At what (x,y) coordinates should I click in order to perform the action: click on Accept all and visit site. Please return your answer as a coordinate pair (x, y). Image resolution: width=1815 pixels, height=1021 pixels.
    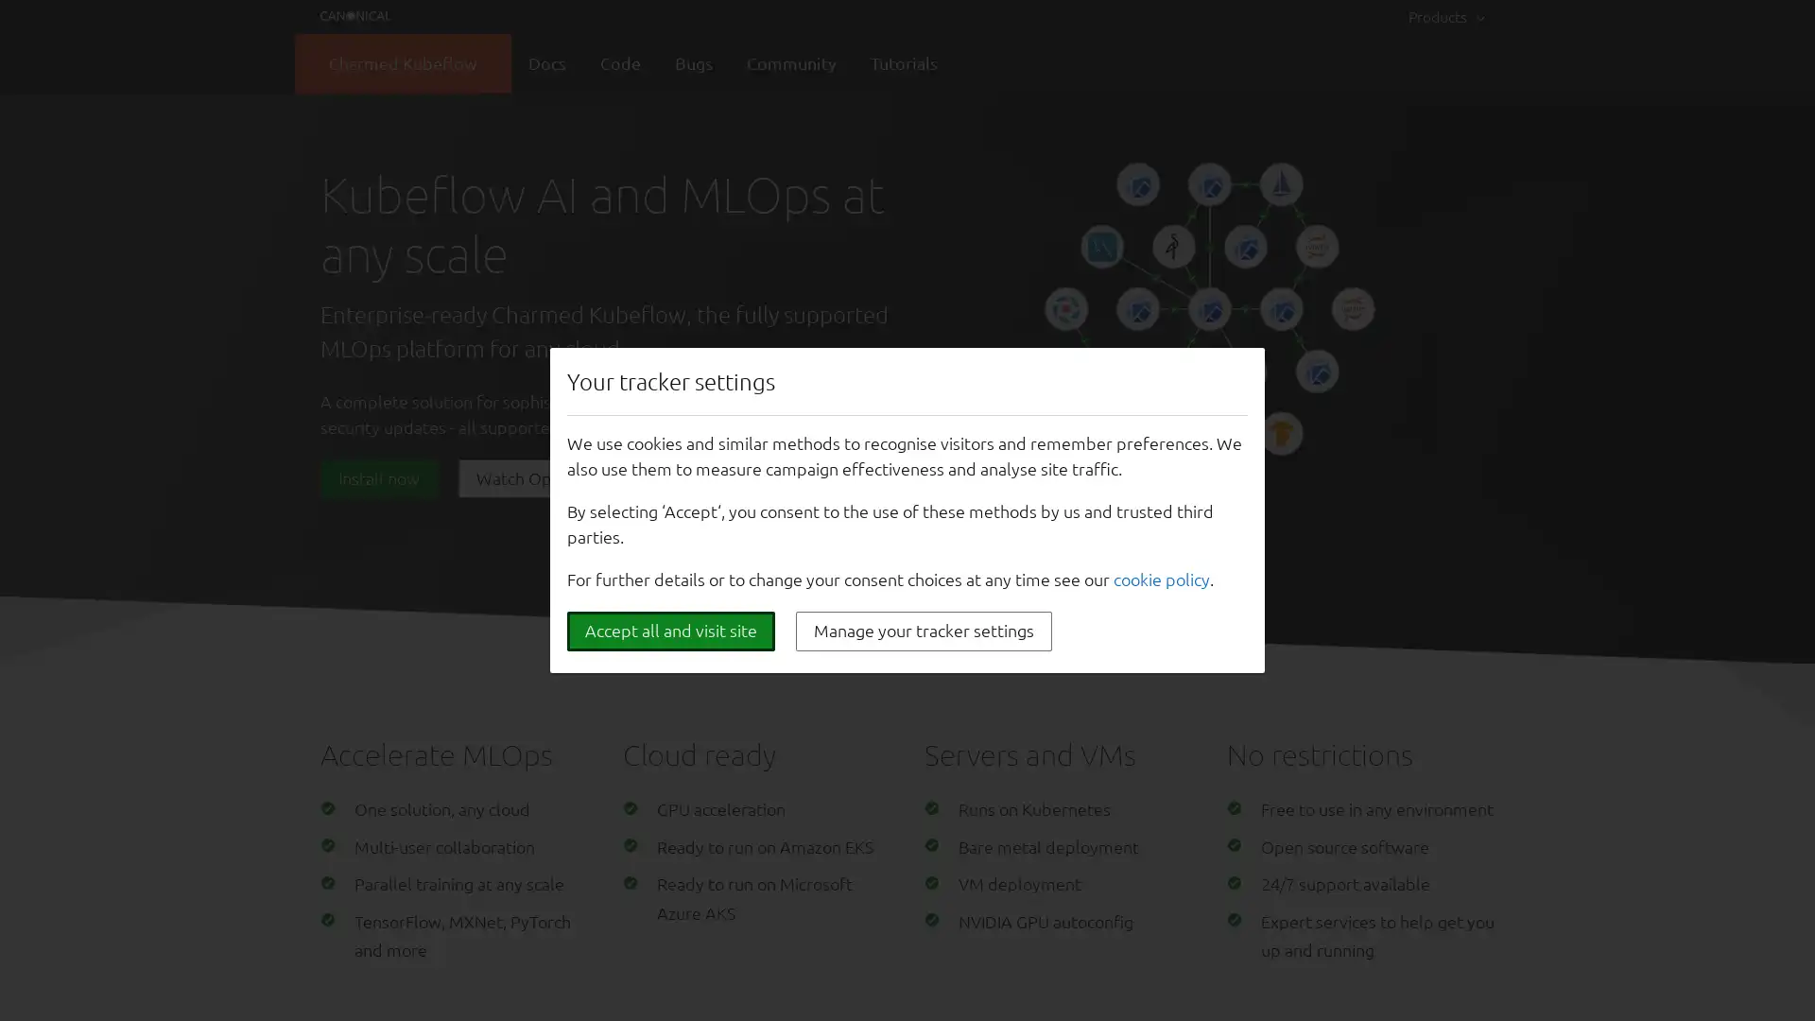
    Looking at the image, I should click on (671, 631).